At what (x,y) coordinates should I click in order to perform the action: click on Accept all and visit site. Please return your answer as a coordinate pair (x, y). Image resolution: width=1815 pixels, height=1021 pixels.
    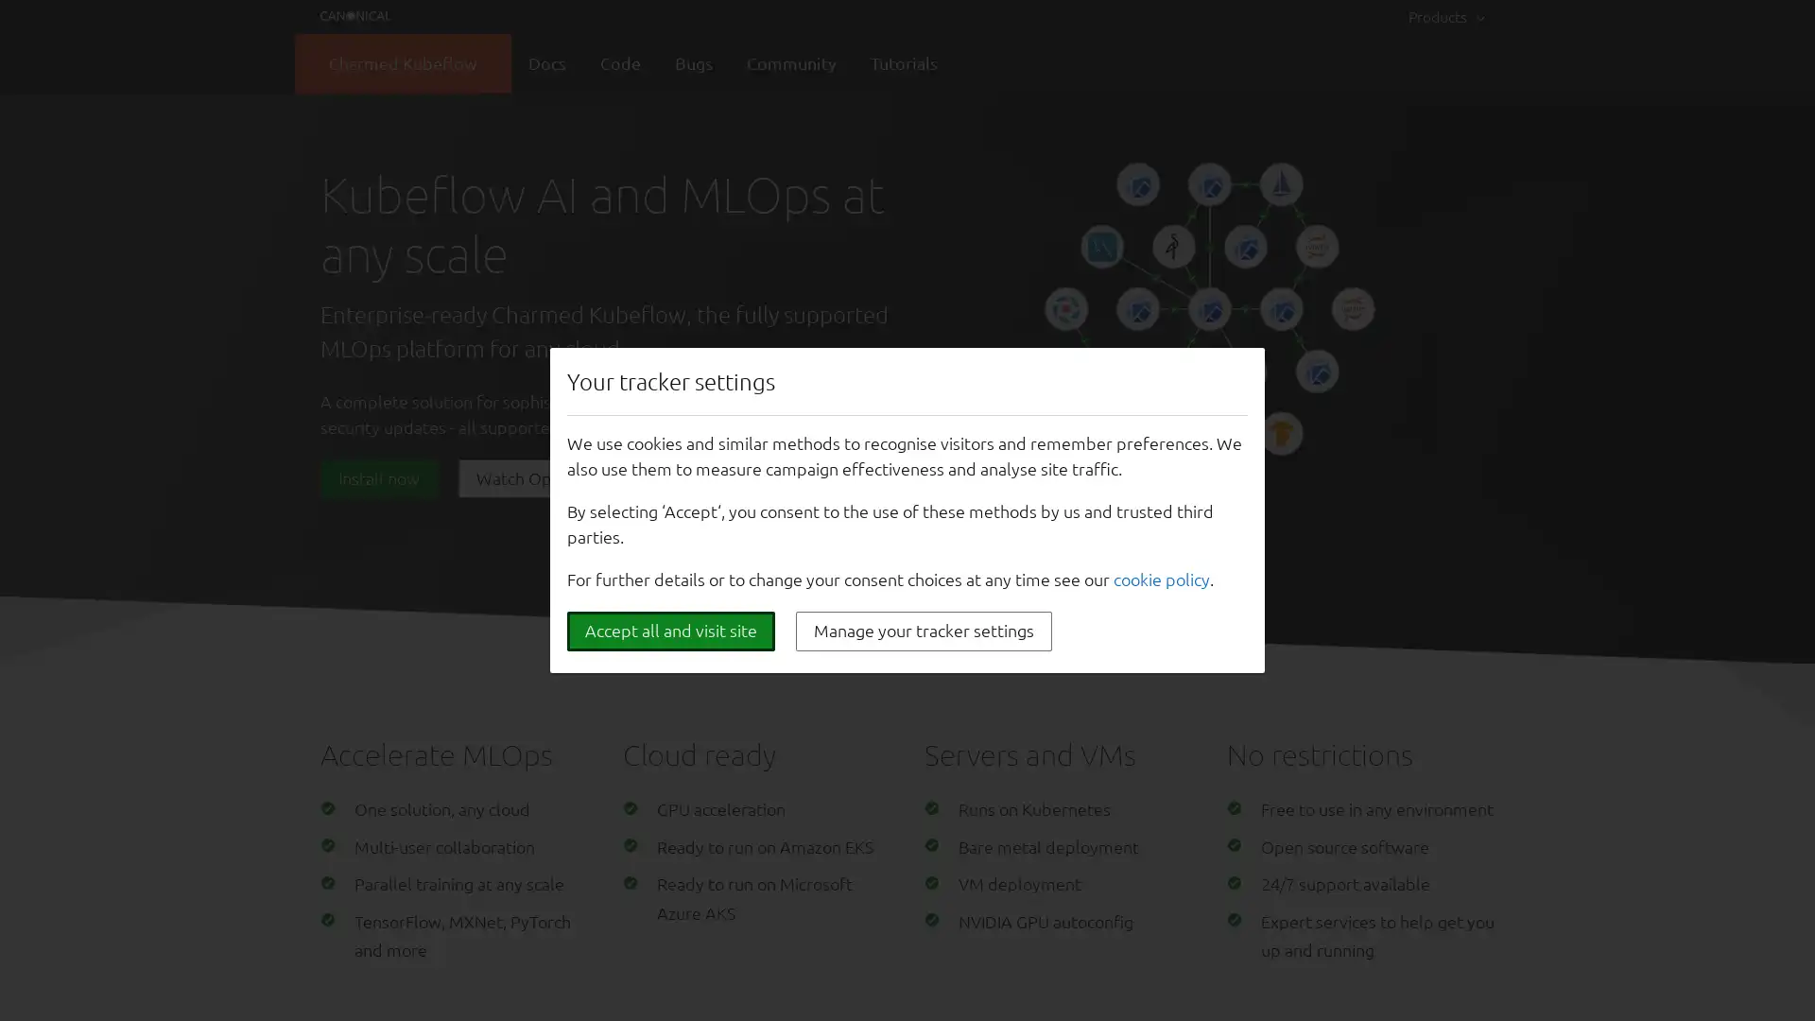
    Looking at the image, I should click on (671, 631).